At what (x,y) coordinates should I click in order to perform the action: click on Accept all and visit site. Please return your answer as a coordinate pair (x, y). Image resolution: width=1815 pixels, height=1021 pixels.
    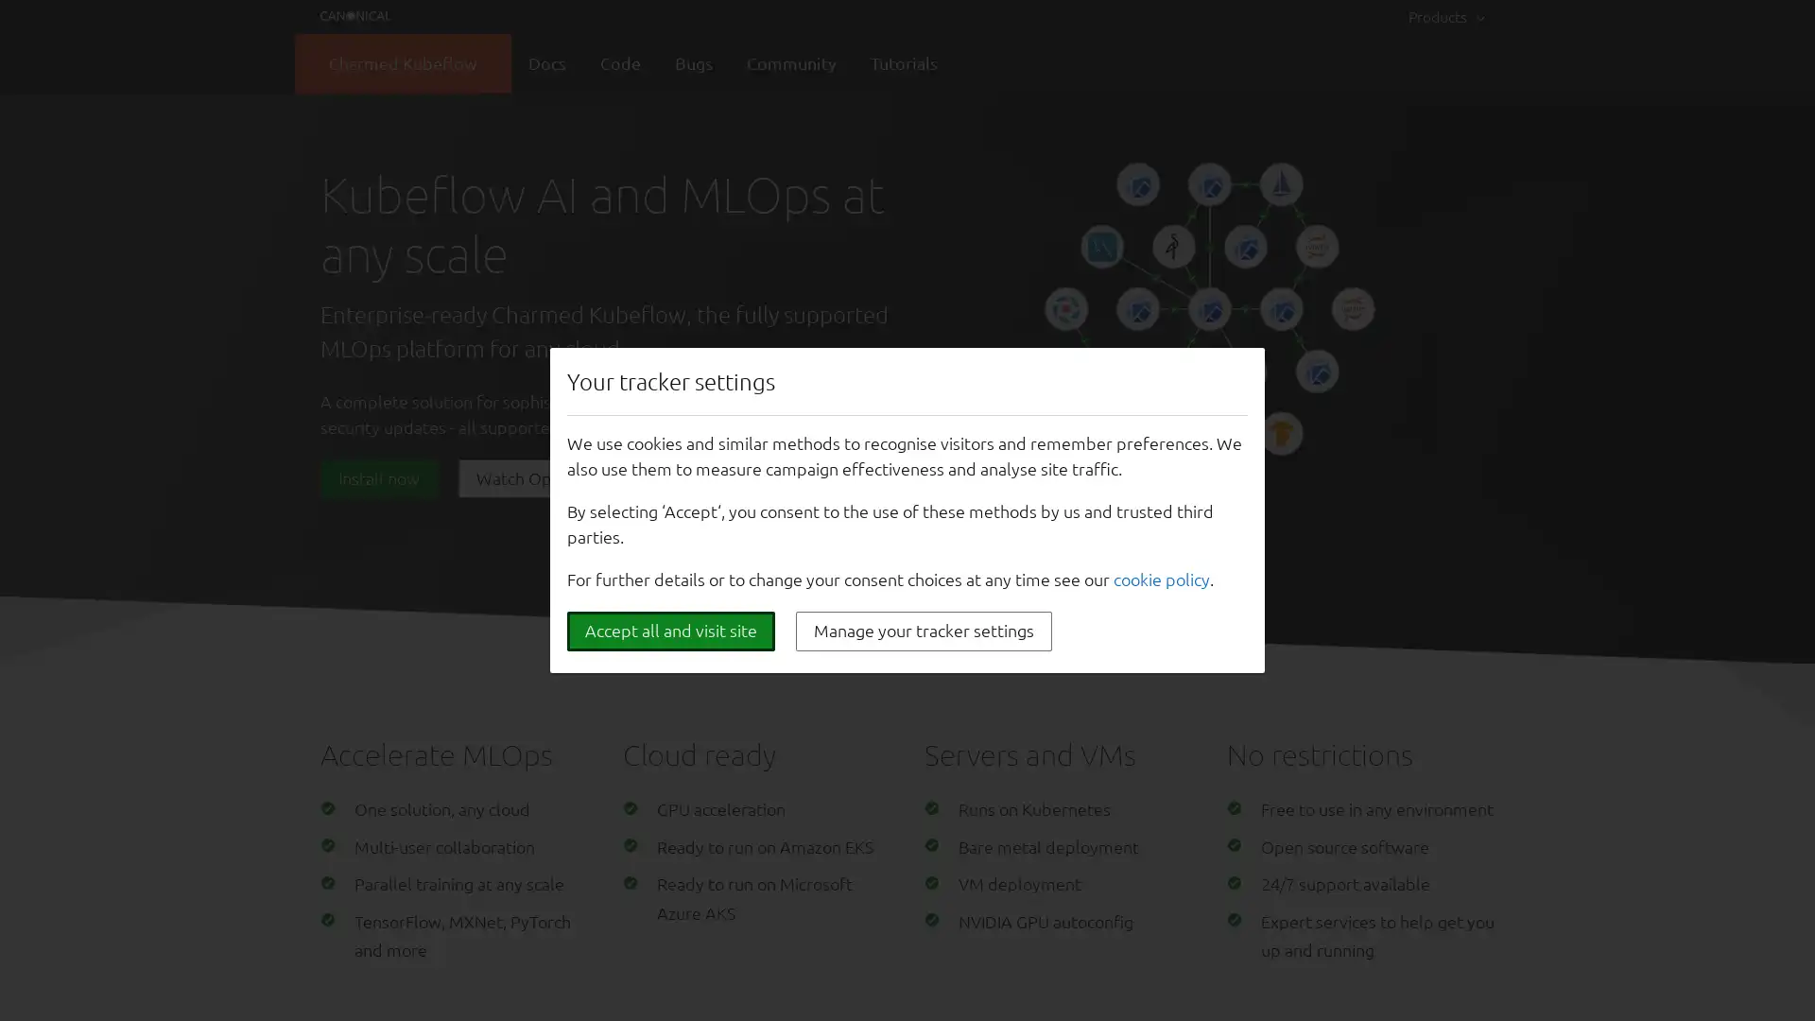
    Looking at the image, I should click on (671, 631).